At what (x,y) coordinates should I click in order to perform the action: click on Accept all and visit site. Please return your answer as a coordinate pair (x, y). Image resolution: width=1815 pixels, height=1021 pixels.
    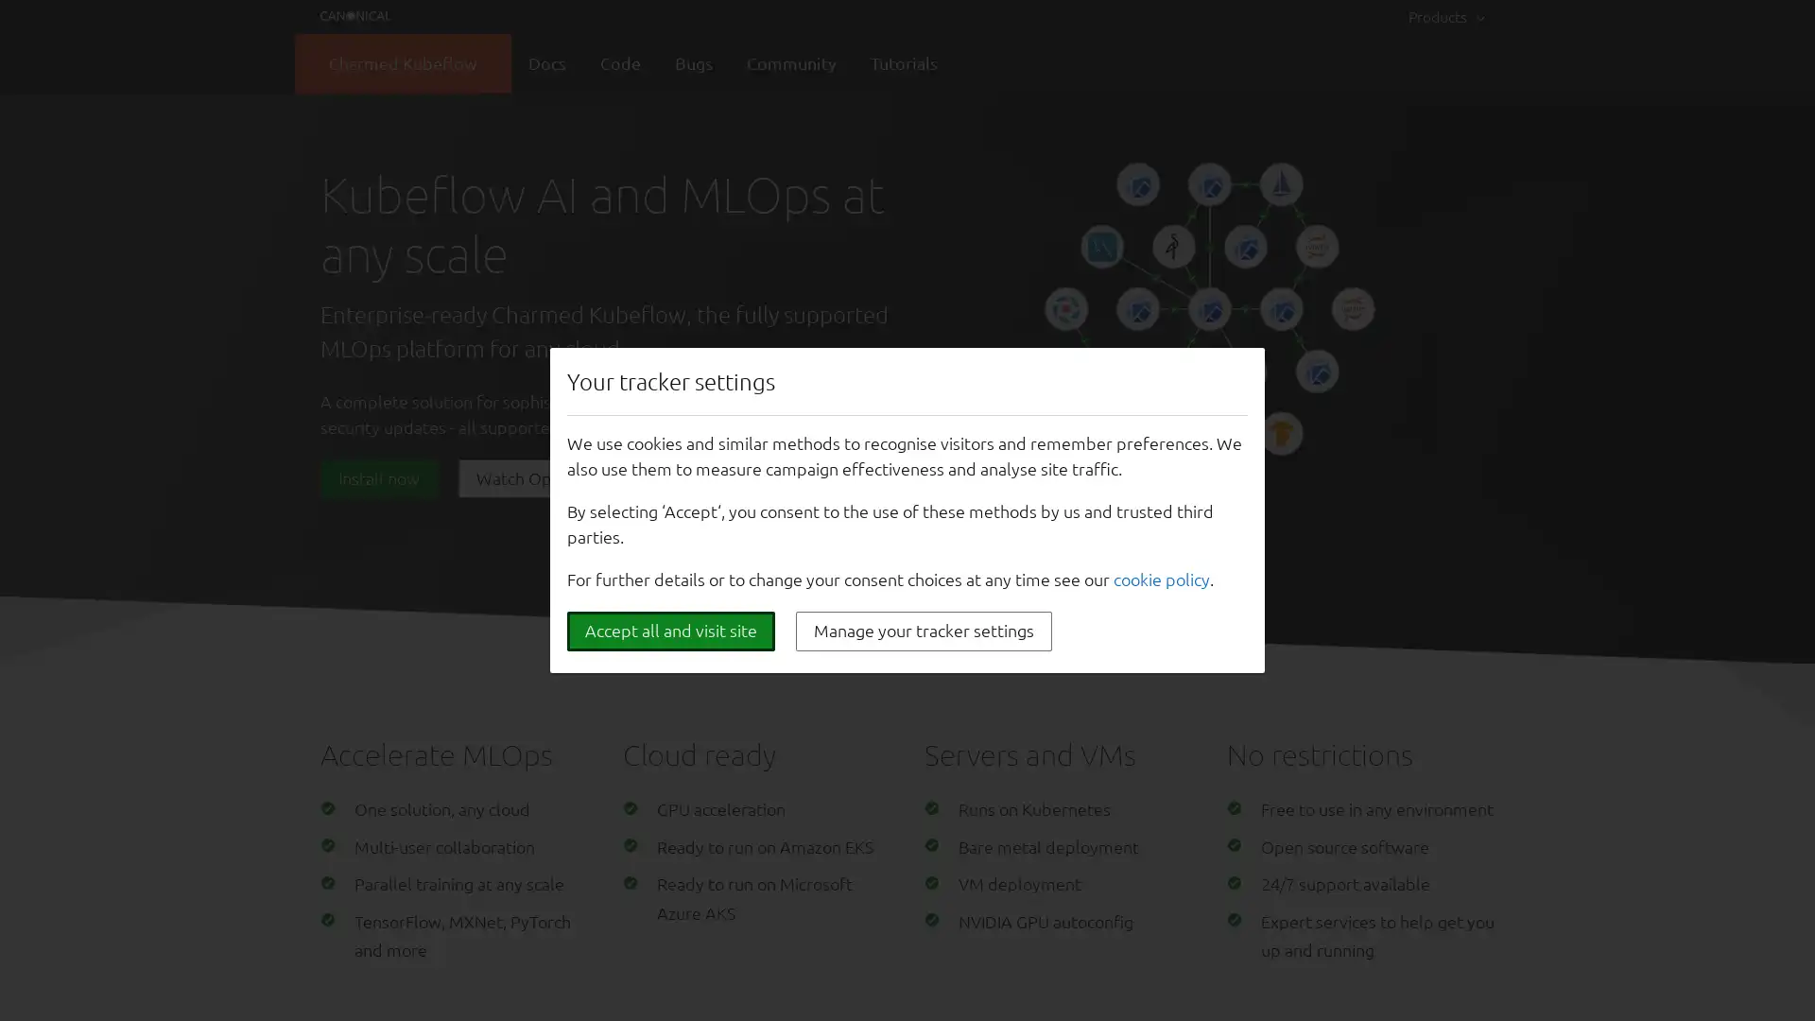
    Looking at the image, I should click on (671, 631).